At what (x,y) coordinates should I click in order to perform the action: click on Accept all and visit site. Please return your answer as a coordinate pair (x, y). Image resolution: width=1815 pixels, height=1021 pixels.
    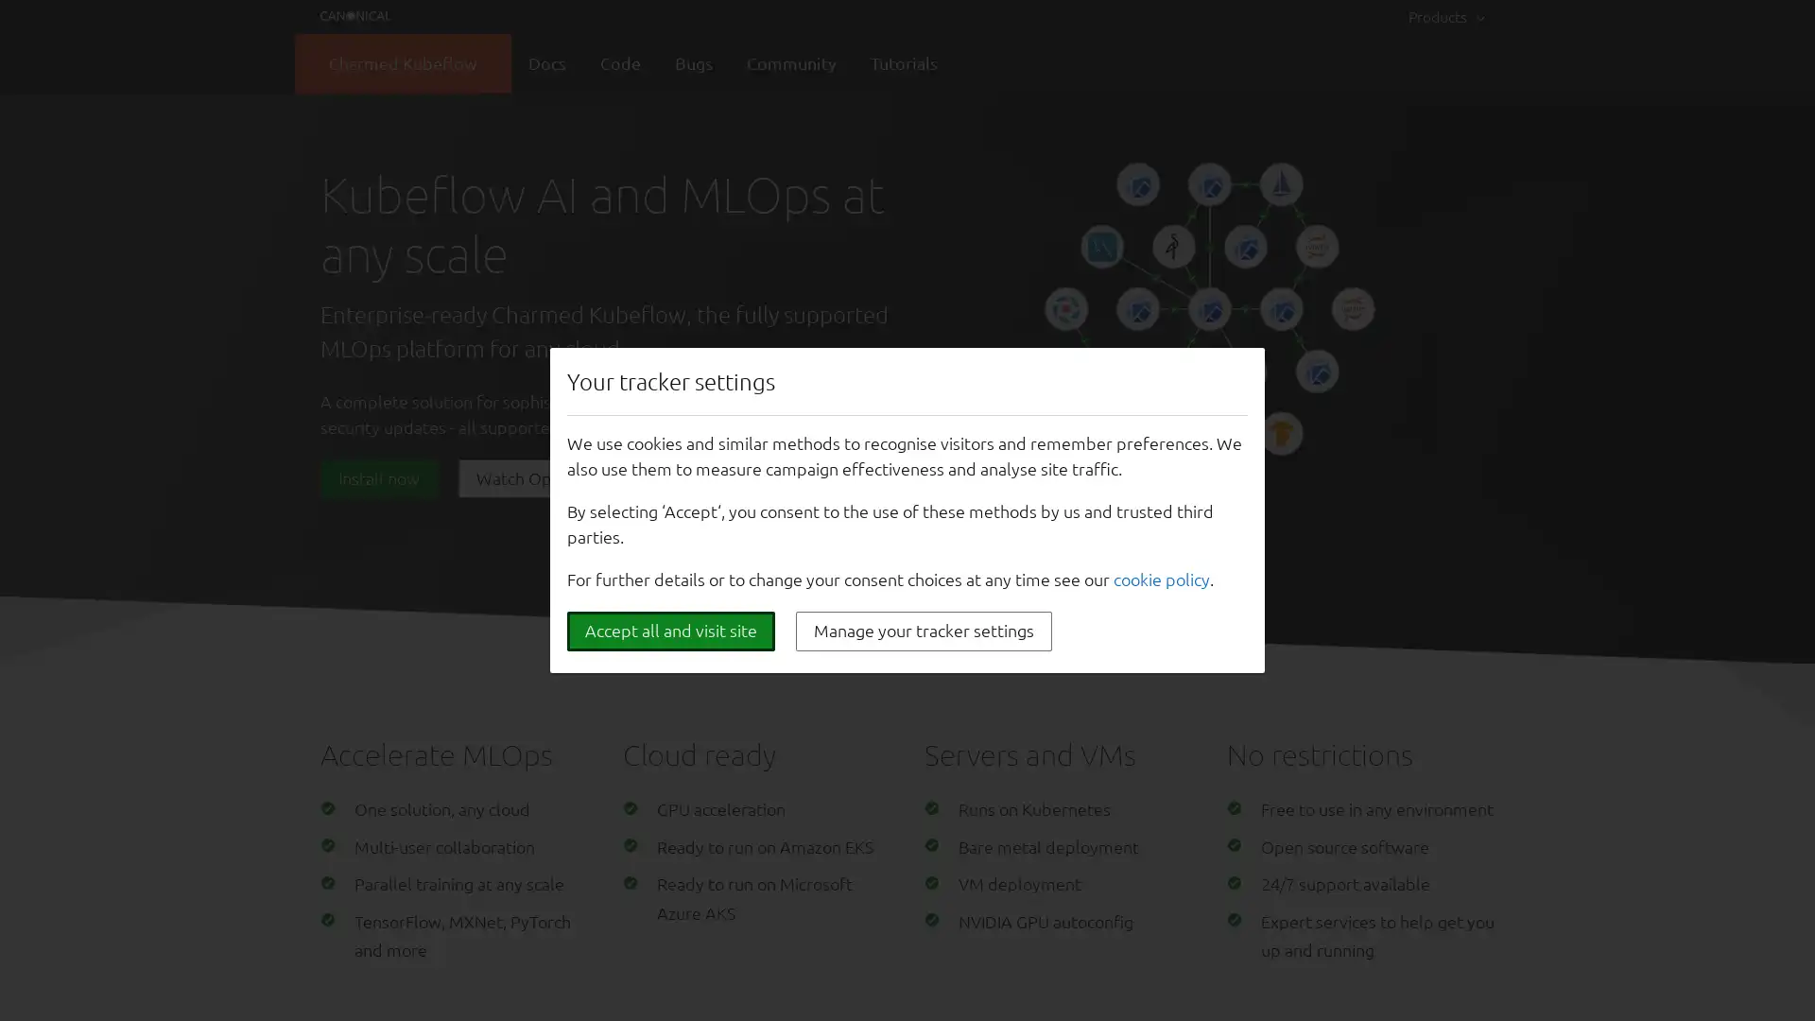
    Looking at the image, I should click on (671, 631).